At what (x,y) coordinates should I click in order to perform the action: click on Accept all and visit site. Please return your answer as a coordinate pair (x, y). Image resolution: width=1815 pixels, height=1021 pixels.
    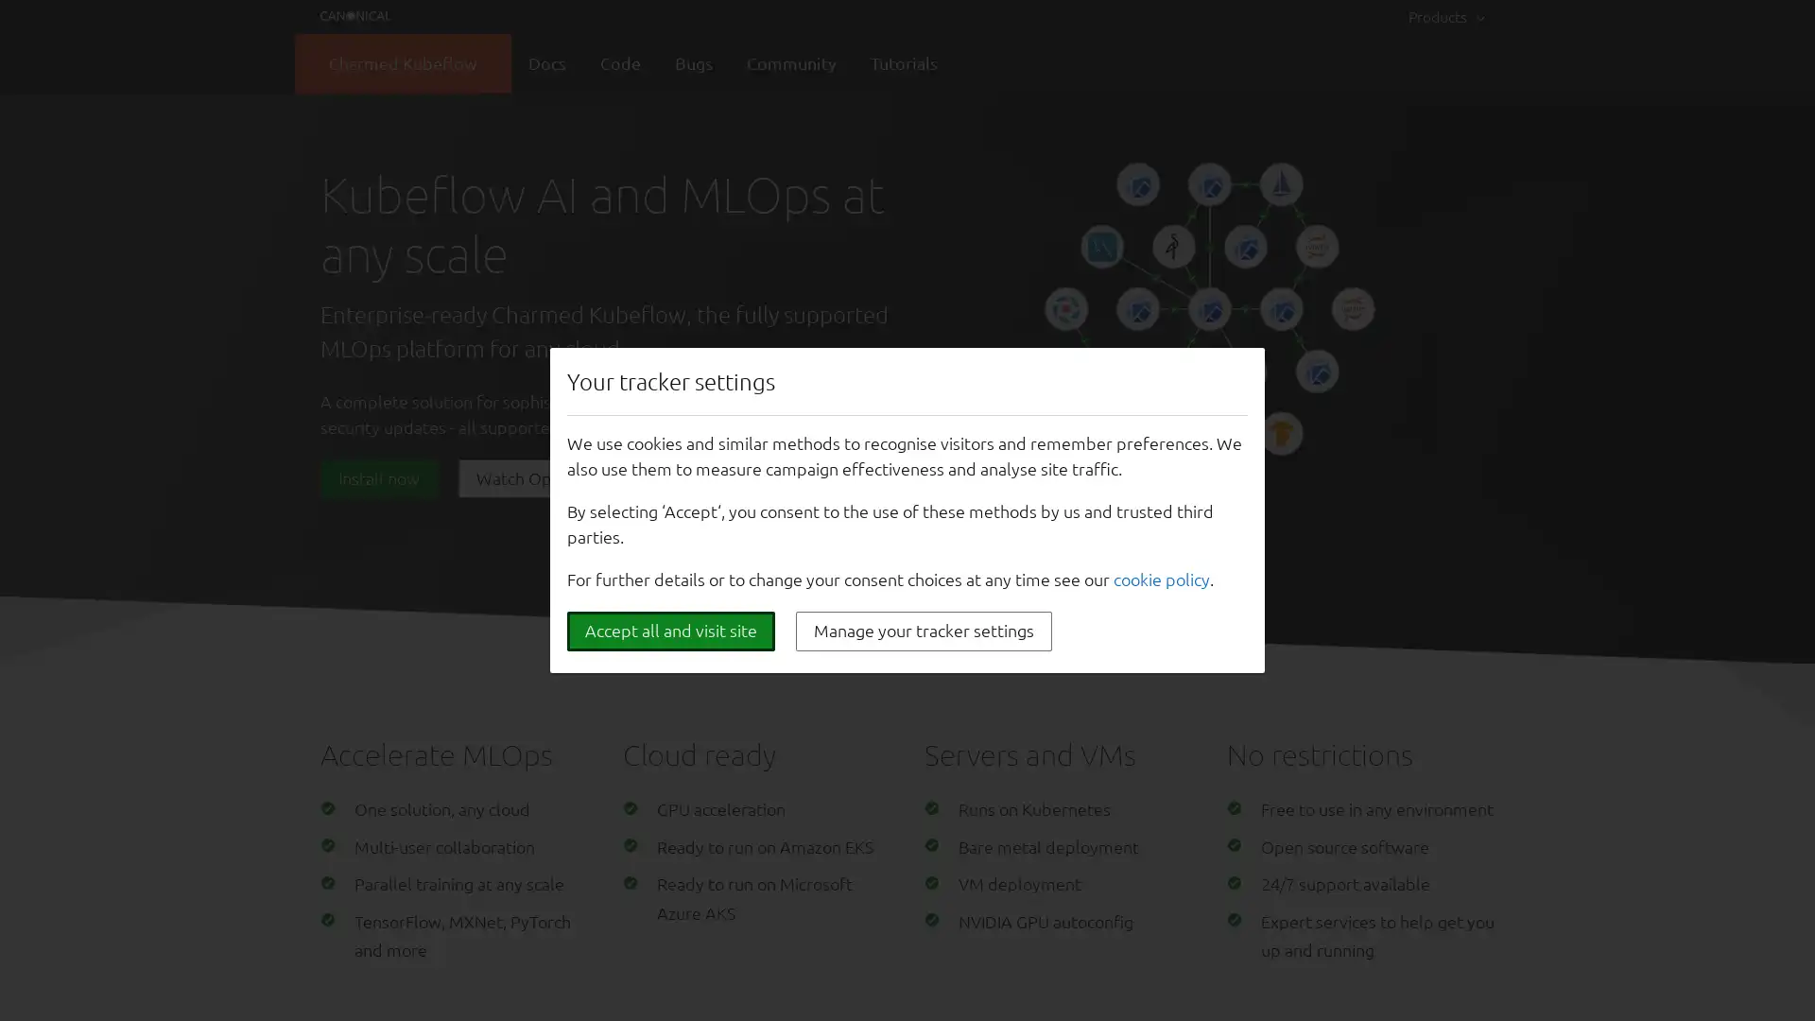
    Looking at the image, I should click on (671, 631).